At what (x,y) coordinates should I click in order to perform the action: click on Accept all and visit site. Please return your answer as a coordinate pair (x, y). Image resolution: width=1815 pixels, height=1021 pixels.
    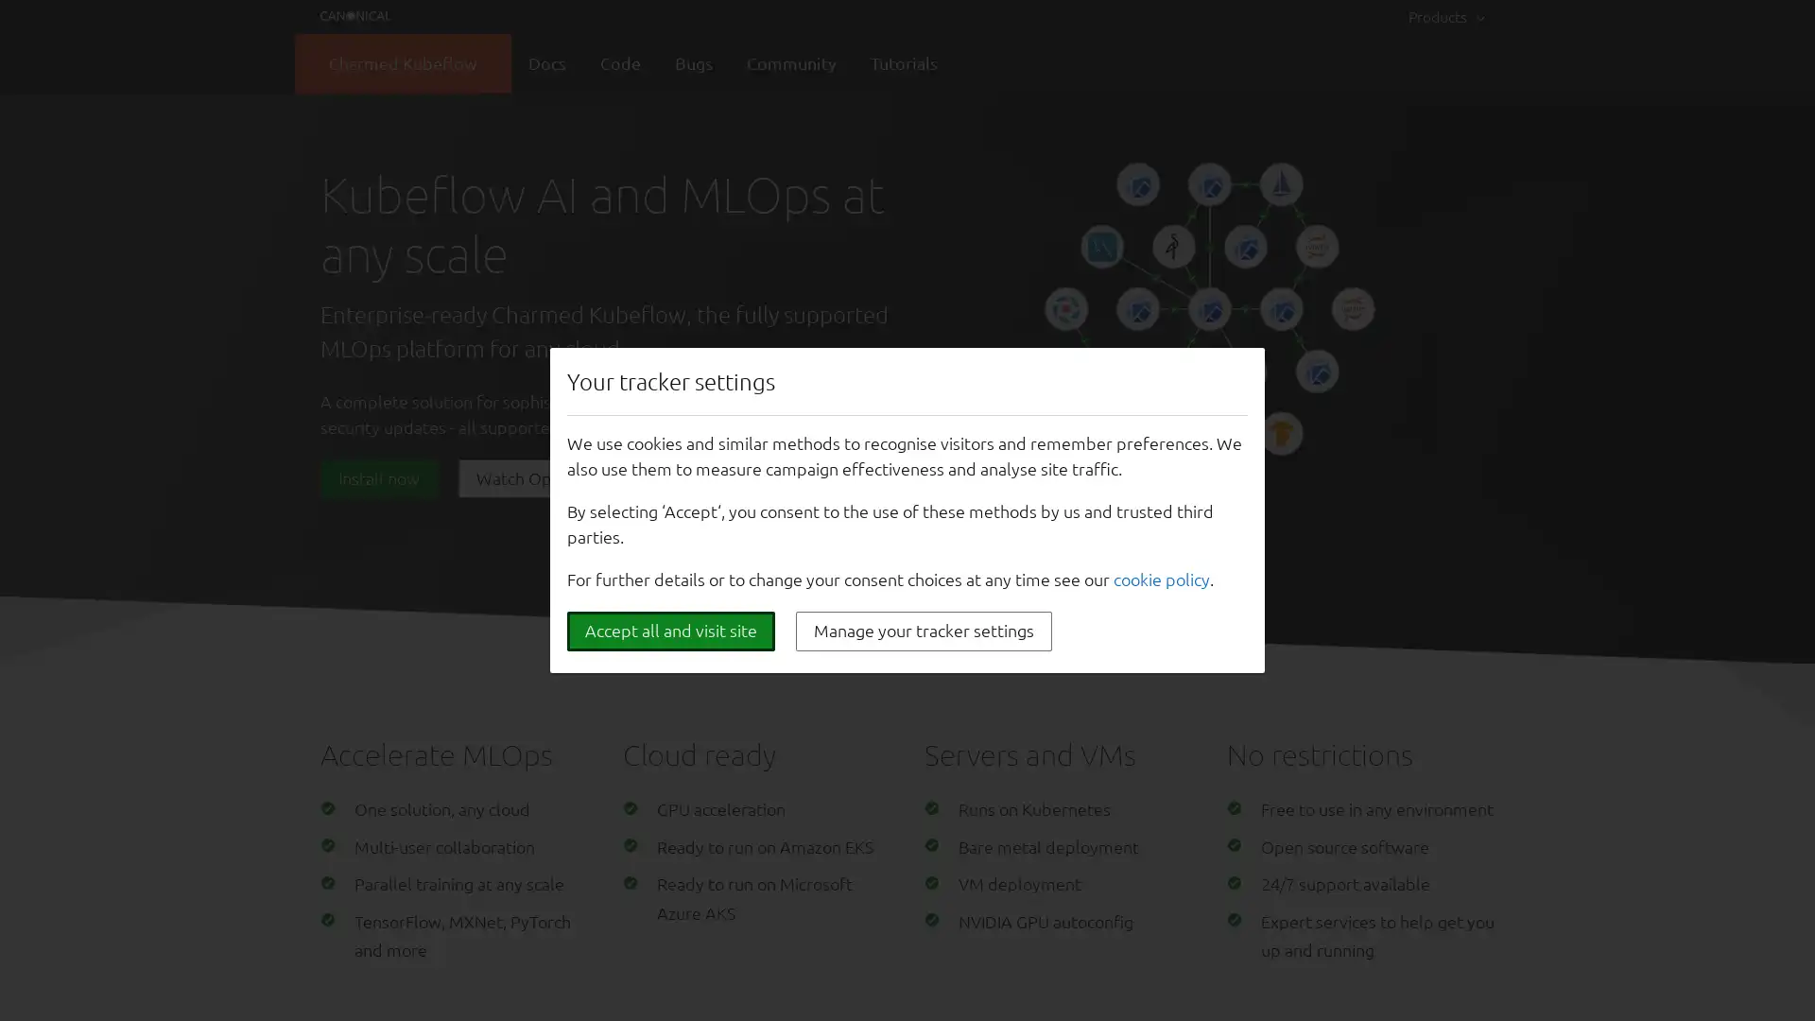
    Looking at the image, I should click on (671, 631).